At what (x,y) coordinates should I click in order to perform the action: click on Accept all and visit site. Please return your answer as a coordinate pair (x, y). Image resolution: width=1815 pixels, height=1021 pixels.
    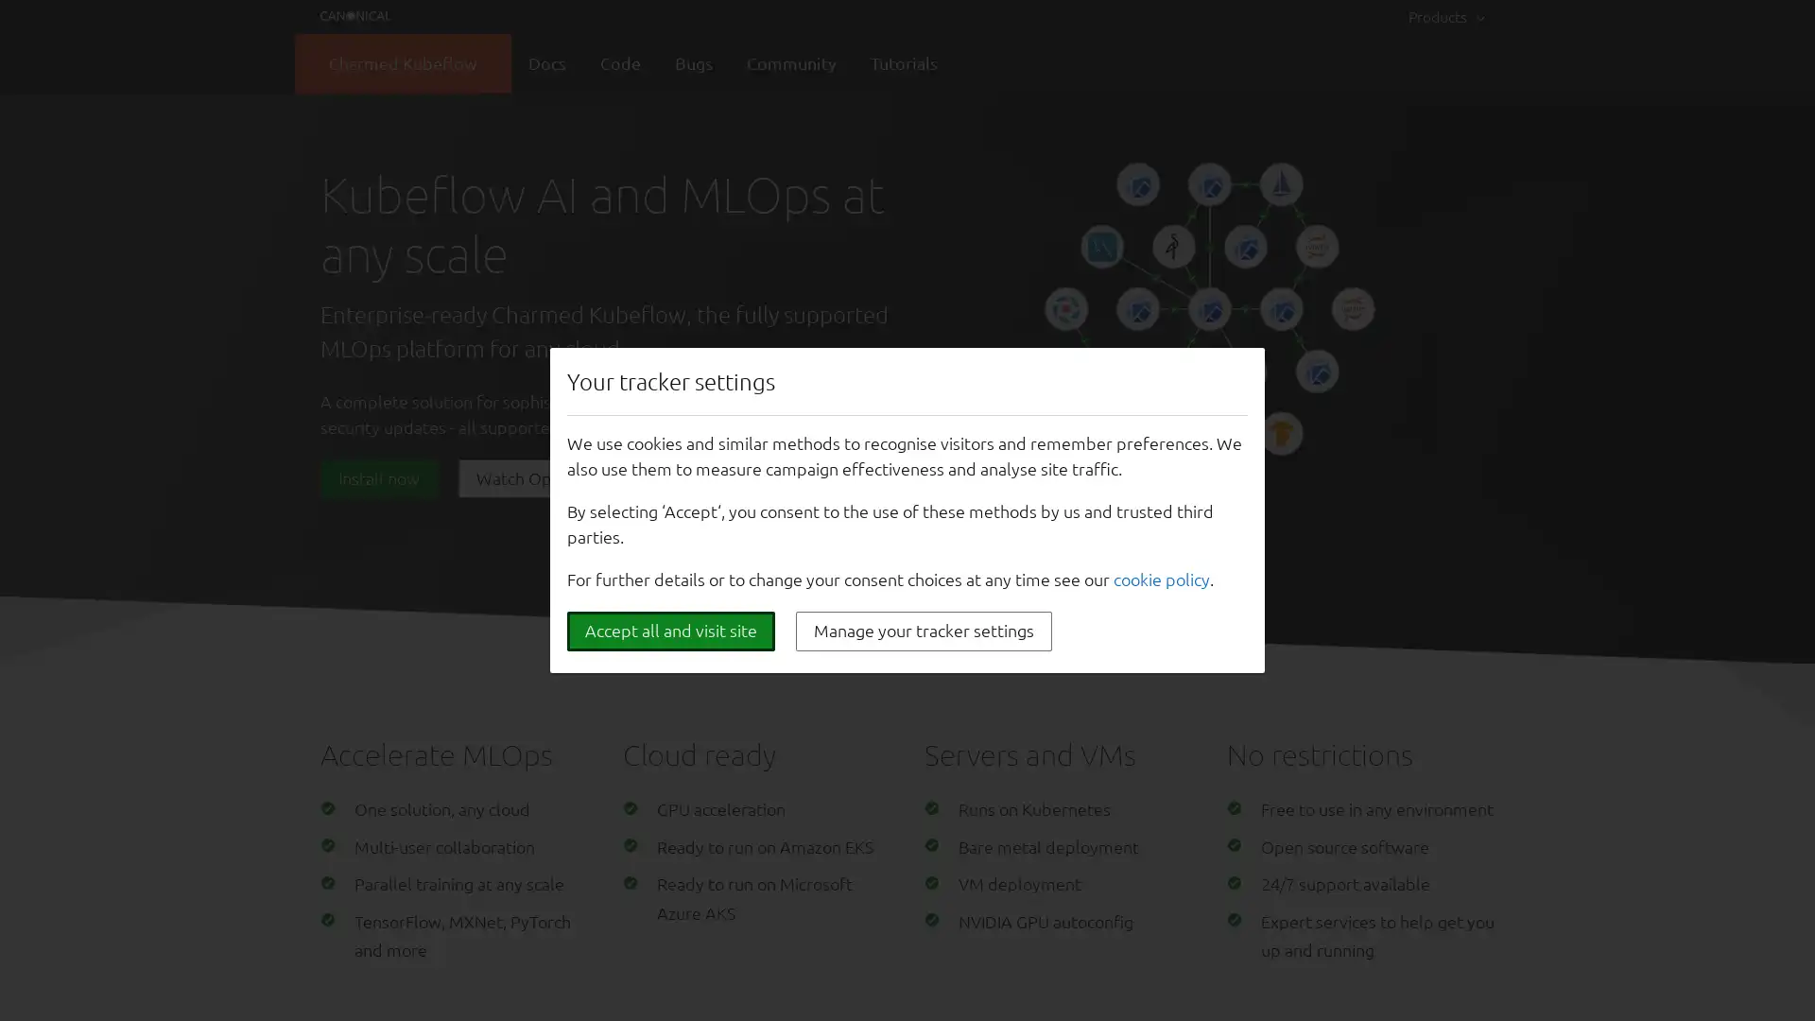
    Looking at the image, I should click on (671, 631).